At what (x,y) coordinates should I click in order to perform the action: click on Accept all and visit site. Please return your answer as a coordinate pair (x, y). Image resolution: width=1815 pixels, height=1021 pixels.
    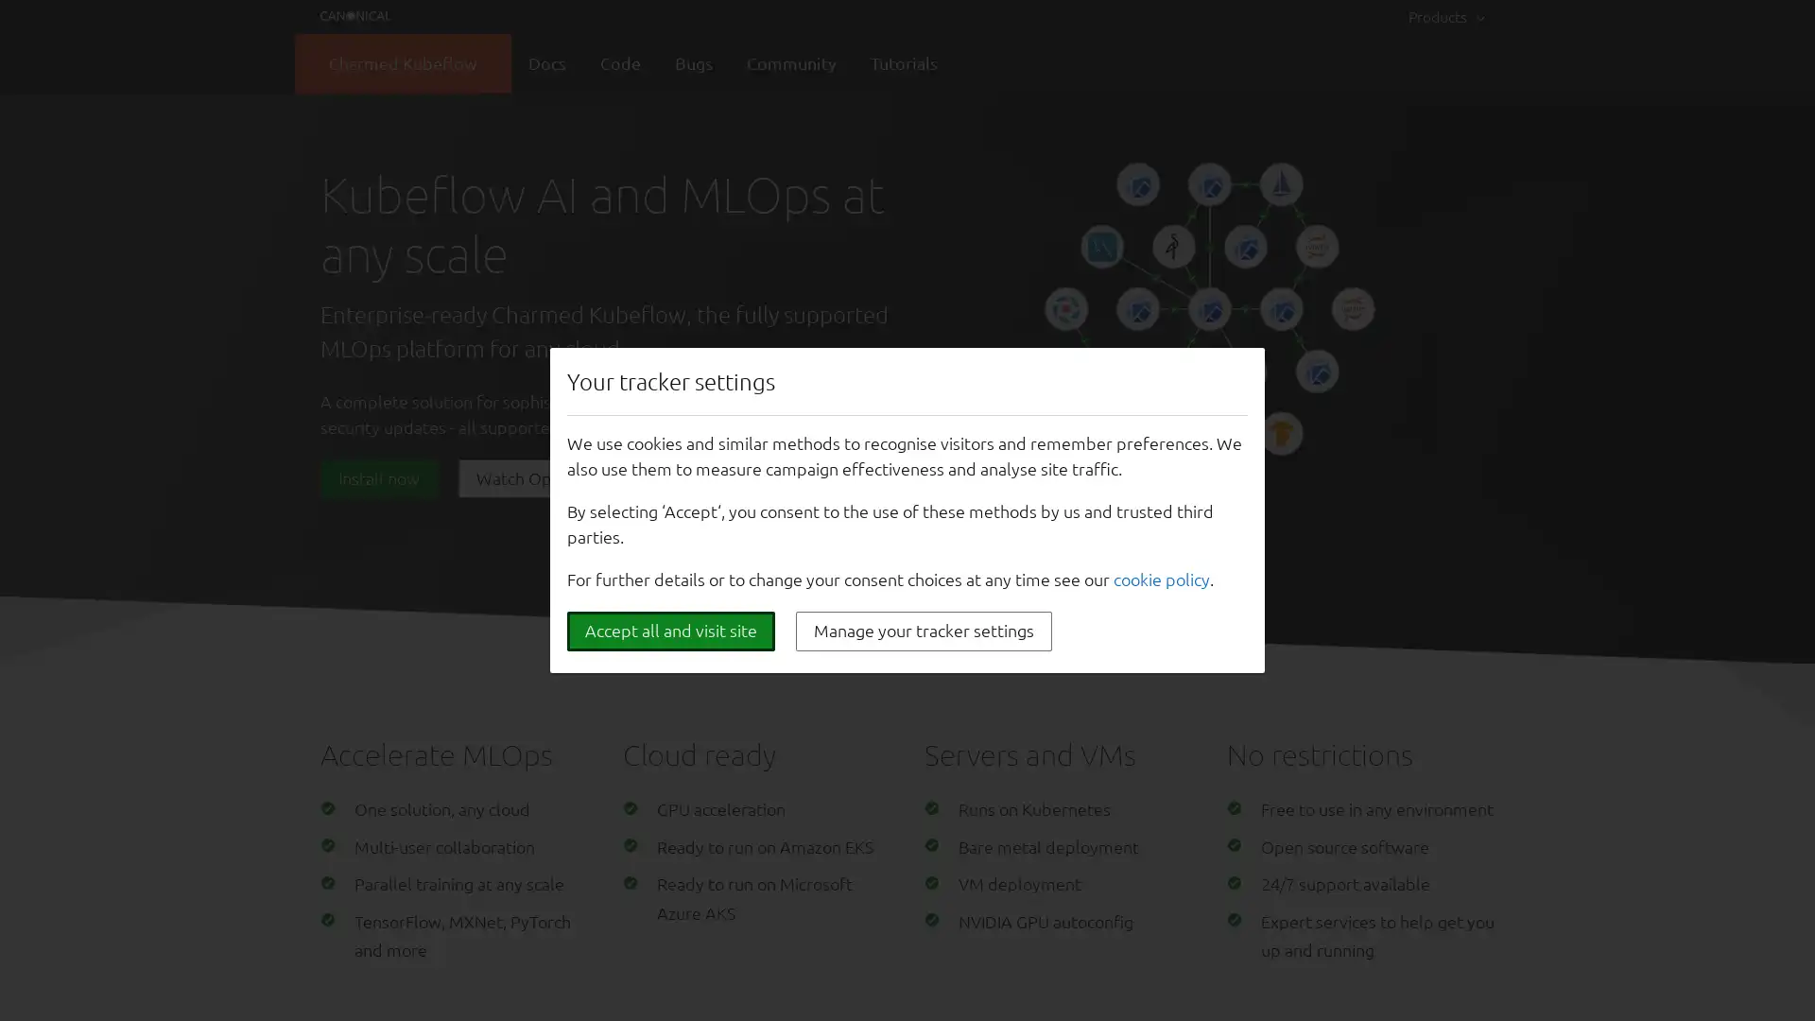
    Looking at the image, I should click on (671, 631).